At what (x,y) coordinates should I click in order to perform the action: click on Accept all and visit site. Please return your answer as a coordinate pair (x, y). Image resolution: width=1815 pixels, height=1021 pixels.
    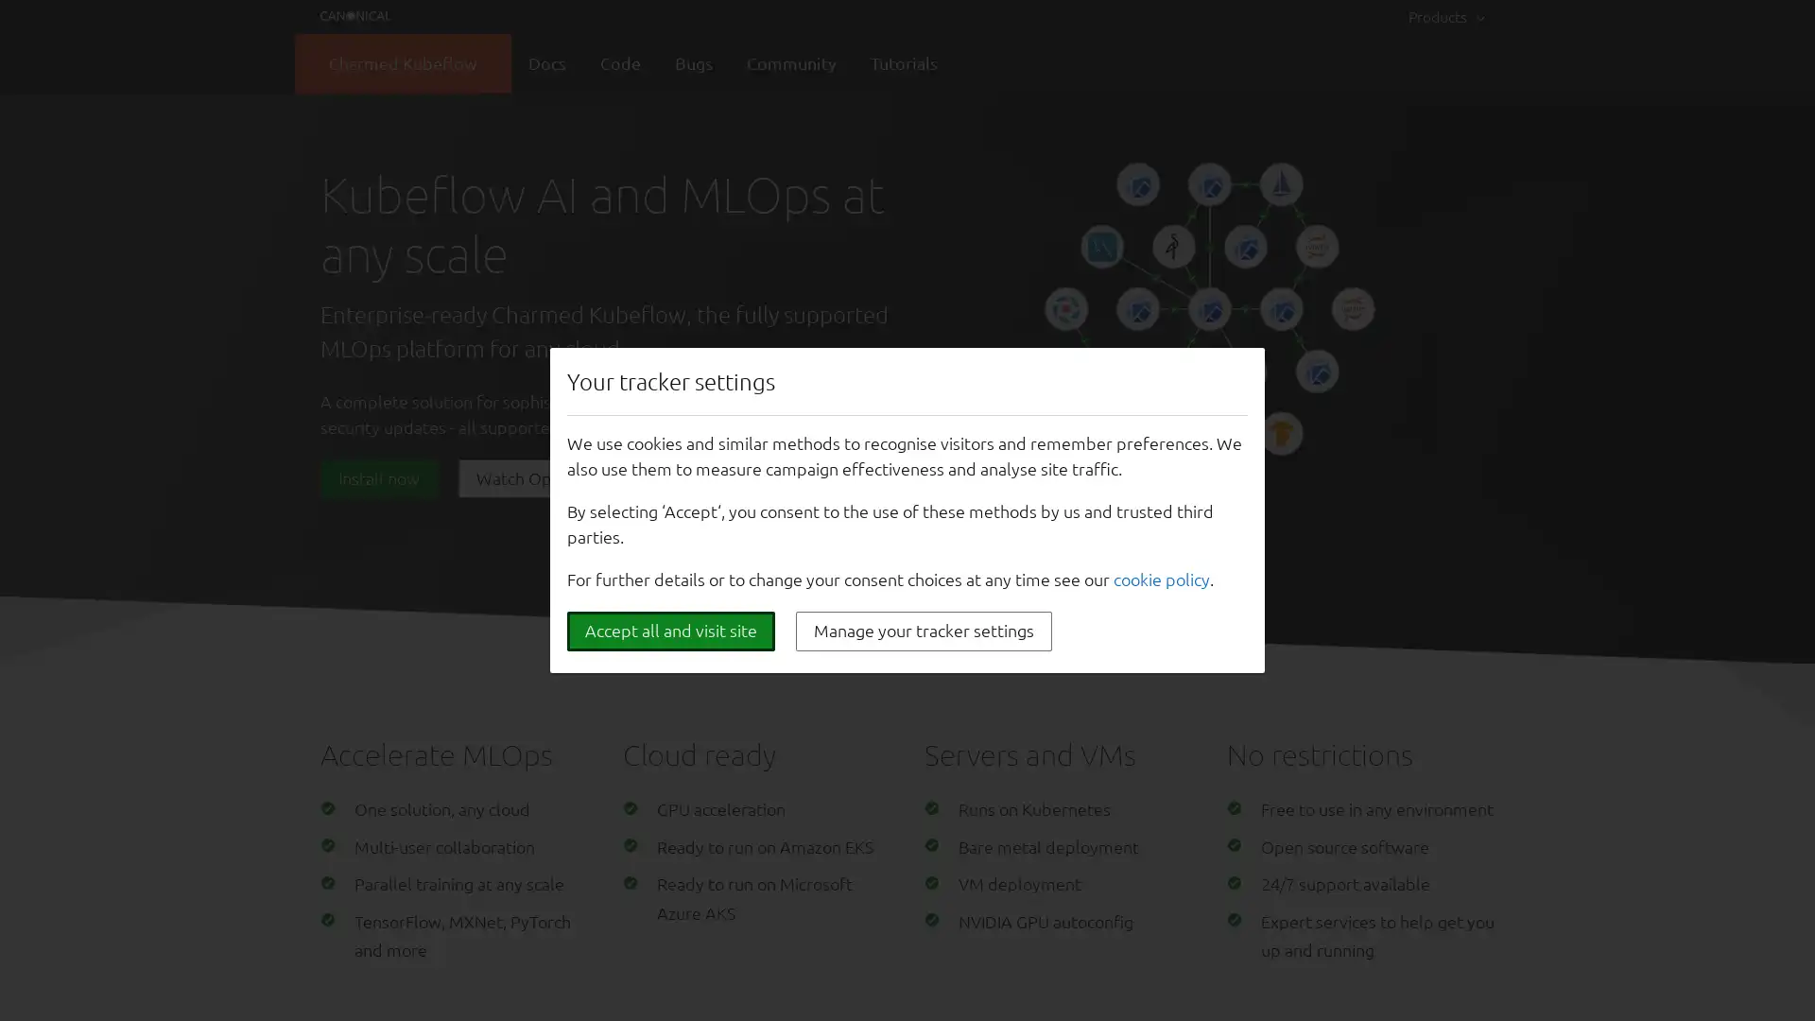
    Looking at the image, I should click on (671, 631).